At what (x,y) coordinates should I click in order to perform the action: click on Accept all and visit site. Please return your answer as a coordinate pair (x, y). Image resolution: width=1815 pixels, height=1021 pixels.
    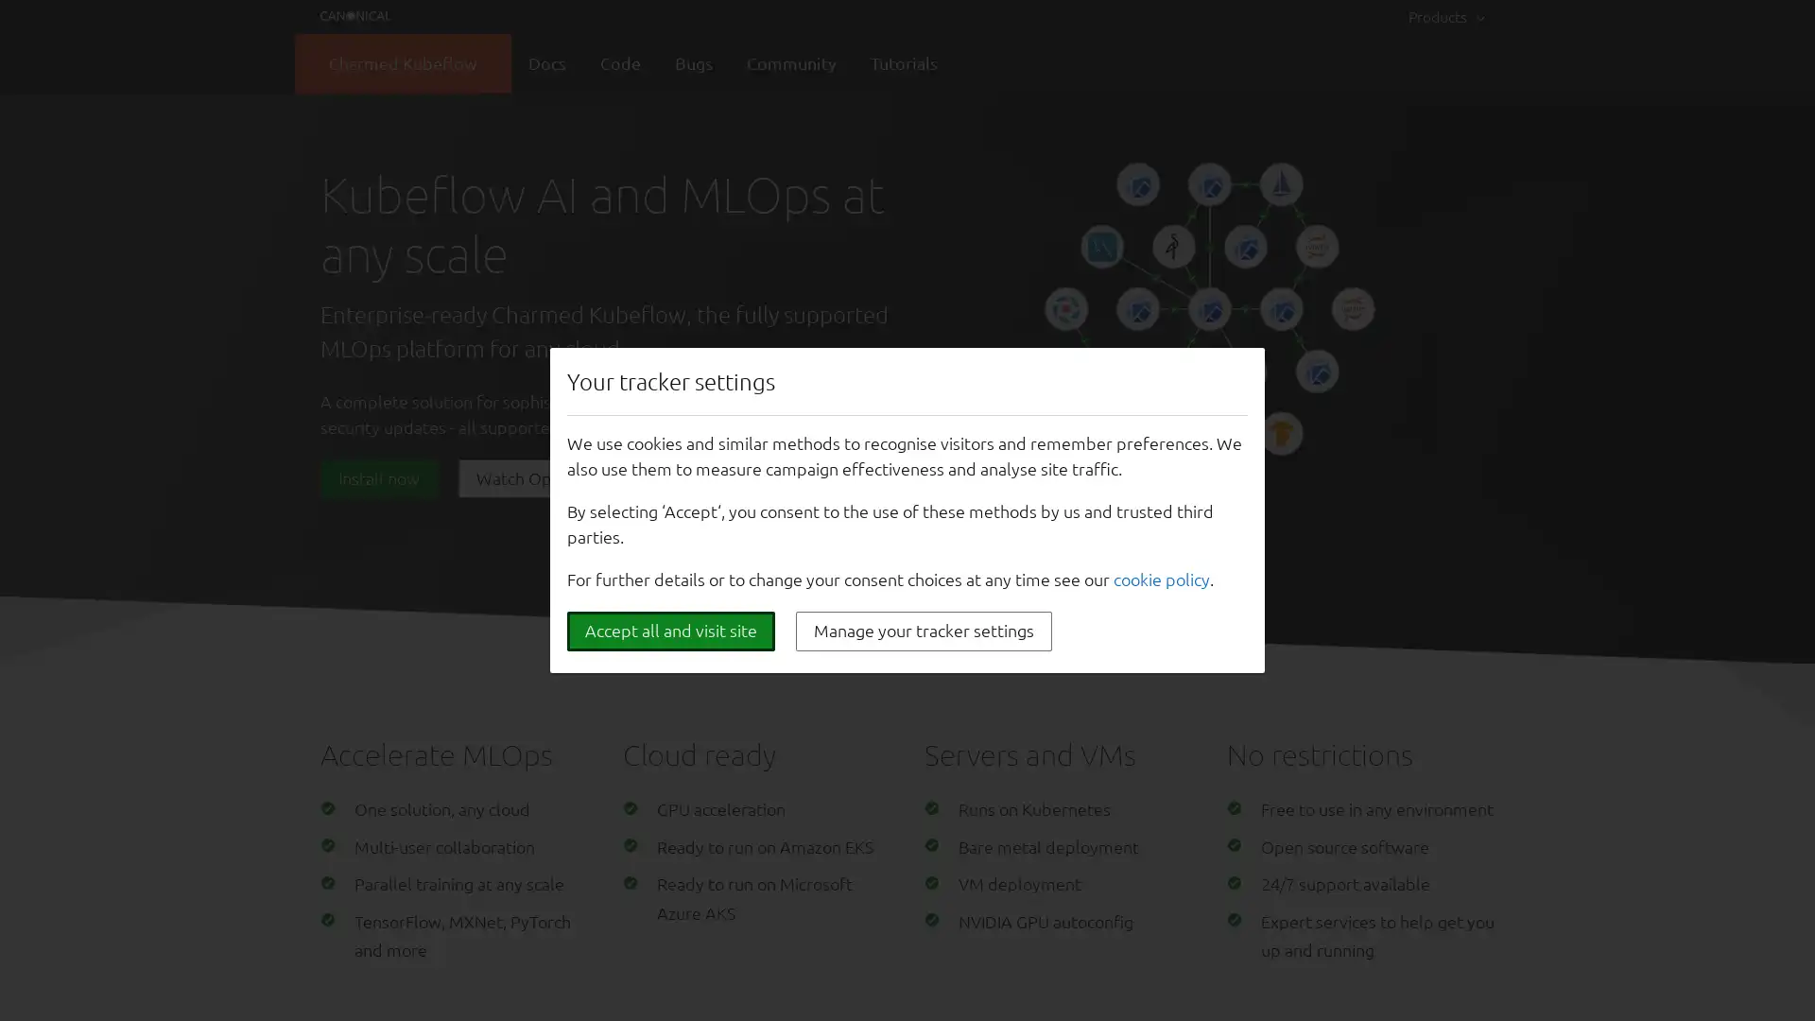
    Looking at the image, I should click on (671, 631).